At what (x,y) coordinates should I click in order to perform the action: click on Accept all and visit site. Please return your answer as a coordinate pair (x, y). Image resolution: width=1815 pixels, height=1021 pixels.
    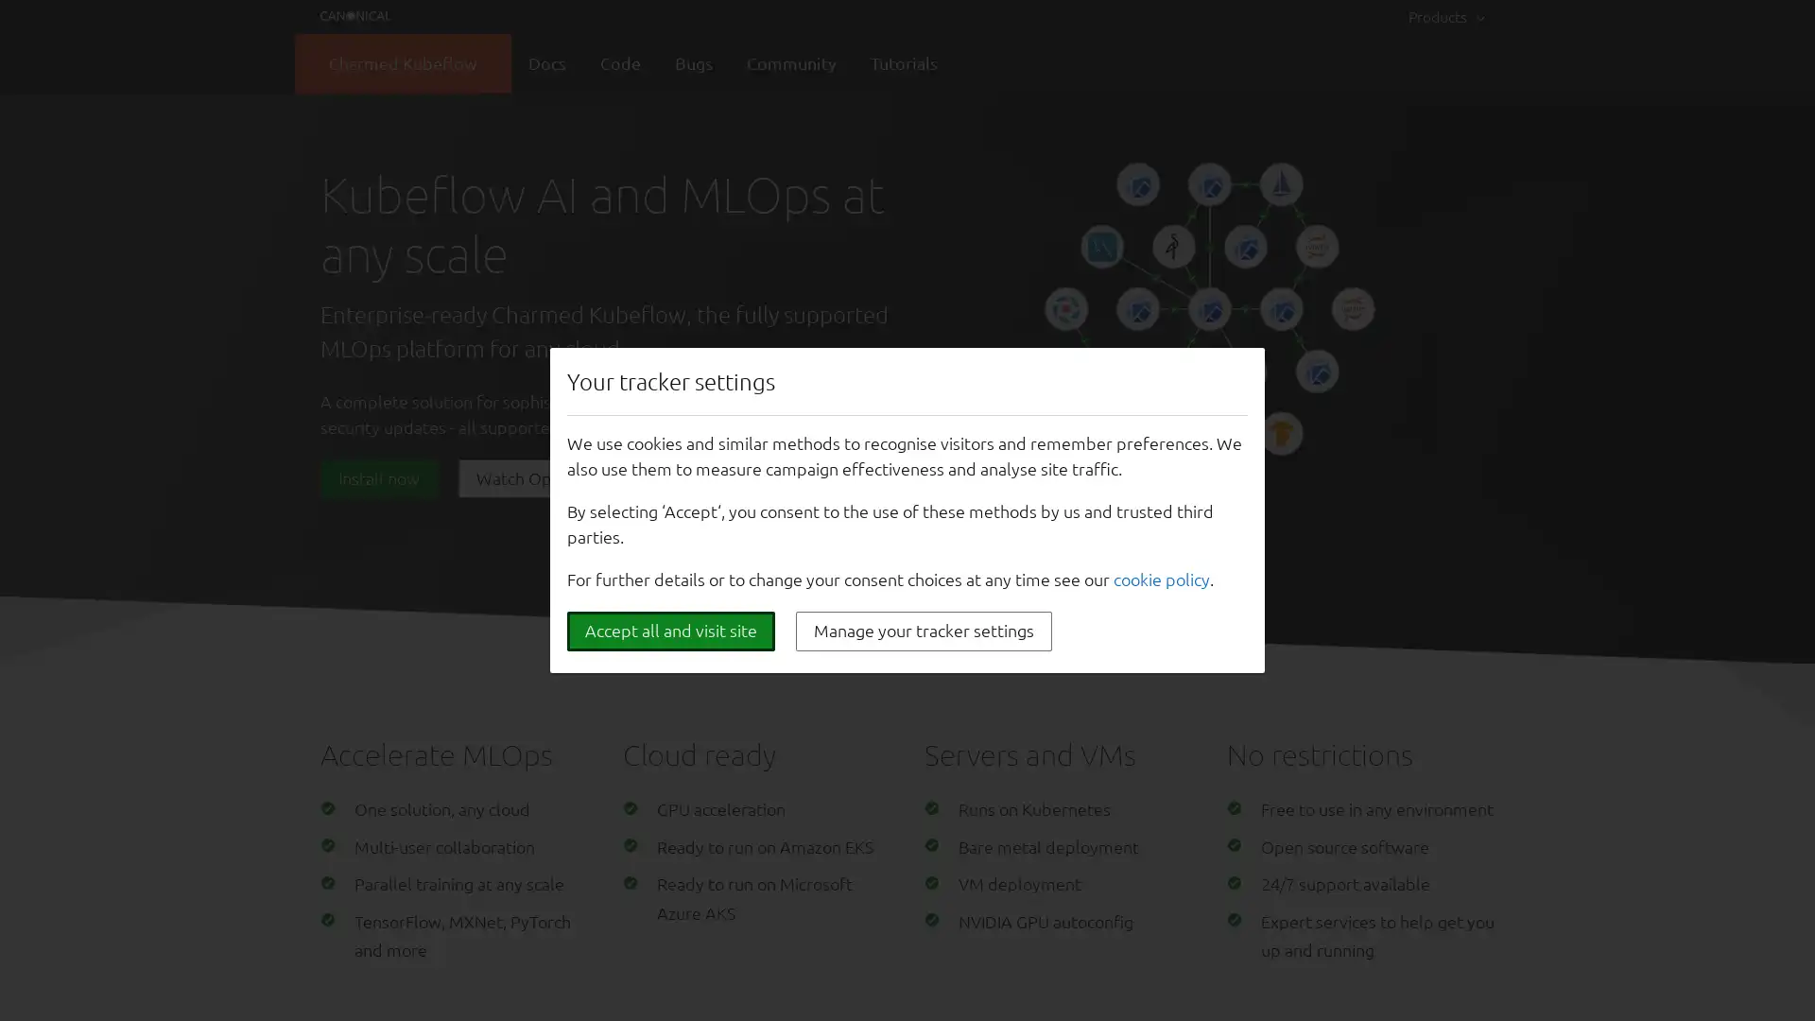
    Looking at the image, I should click on (671, 631).